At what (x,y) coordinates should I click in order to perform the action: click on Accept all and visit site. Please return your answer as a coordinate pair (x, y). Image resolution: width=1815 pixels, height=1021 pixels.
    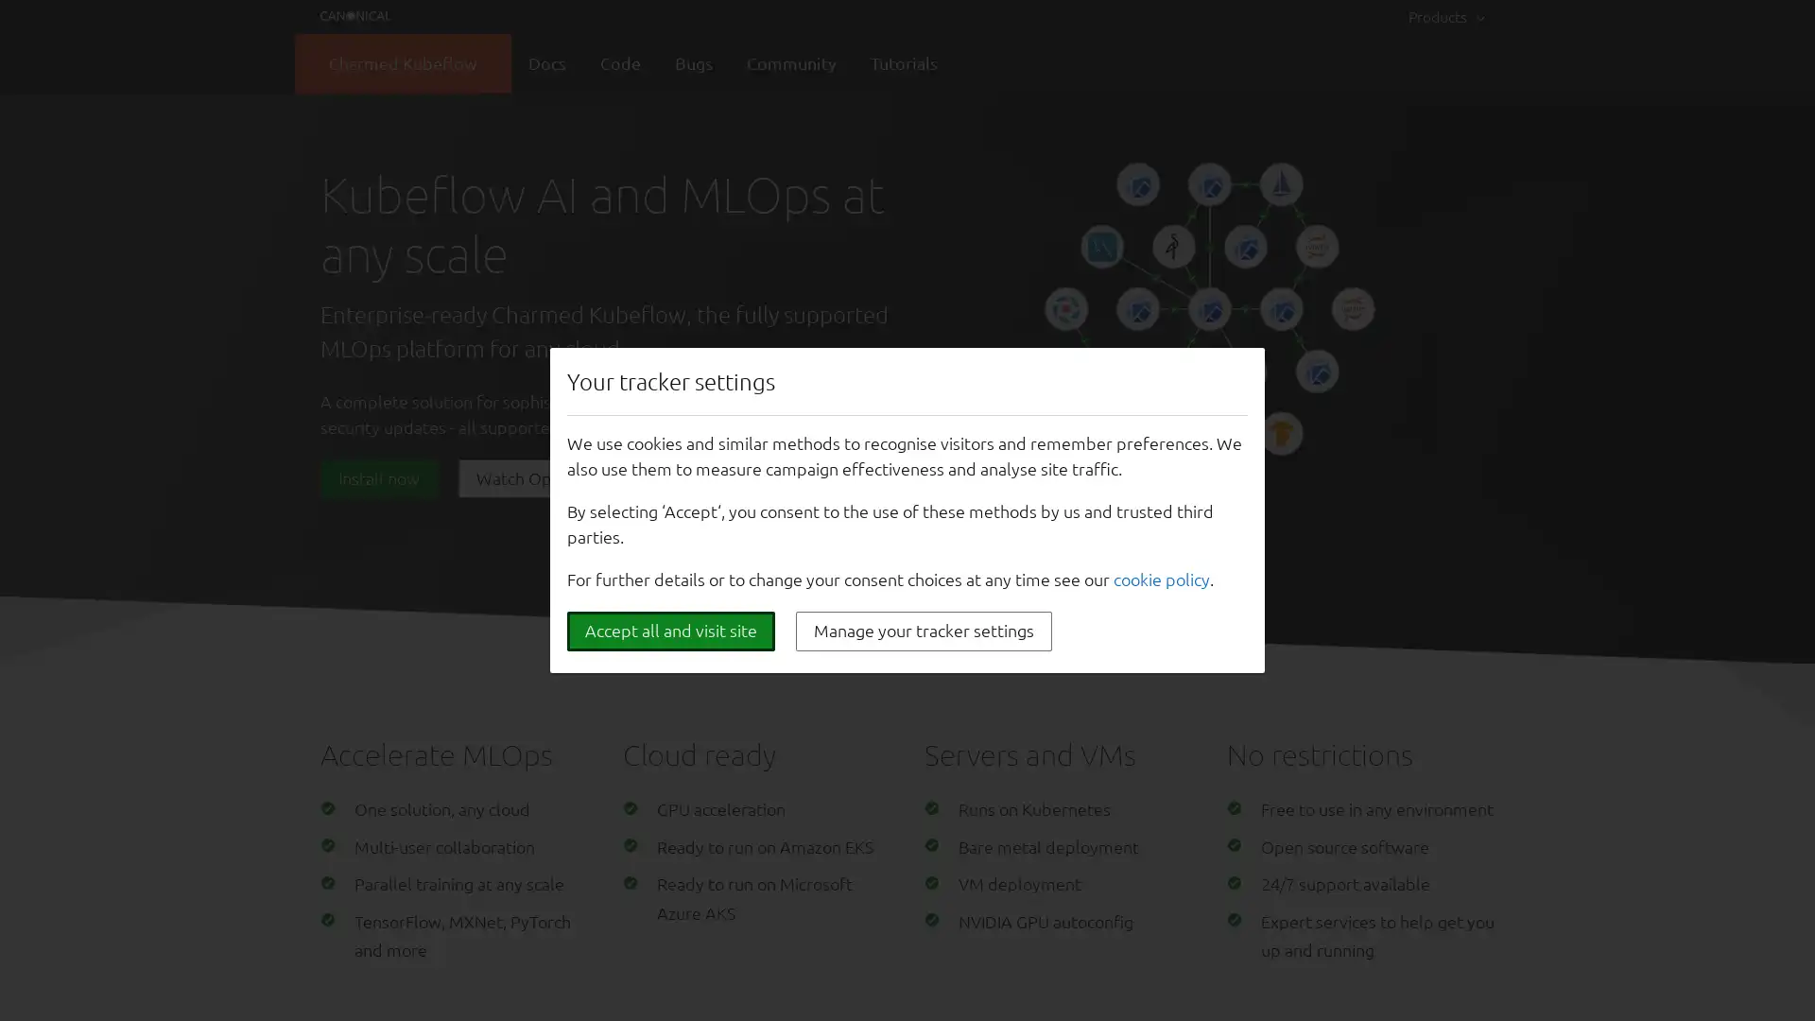
    Looking at the image, I should click on (671, 631).